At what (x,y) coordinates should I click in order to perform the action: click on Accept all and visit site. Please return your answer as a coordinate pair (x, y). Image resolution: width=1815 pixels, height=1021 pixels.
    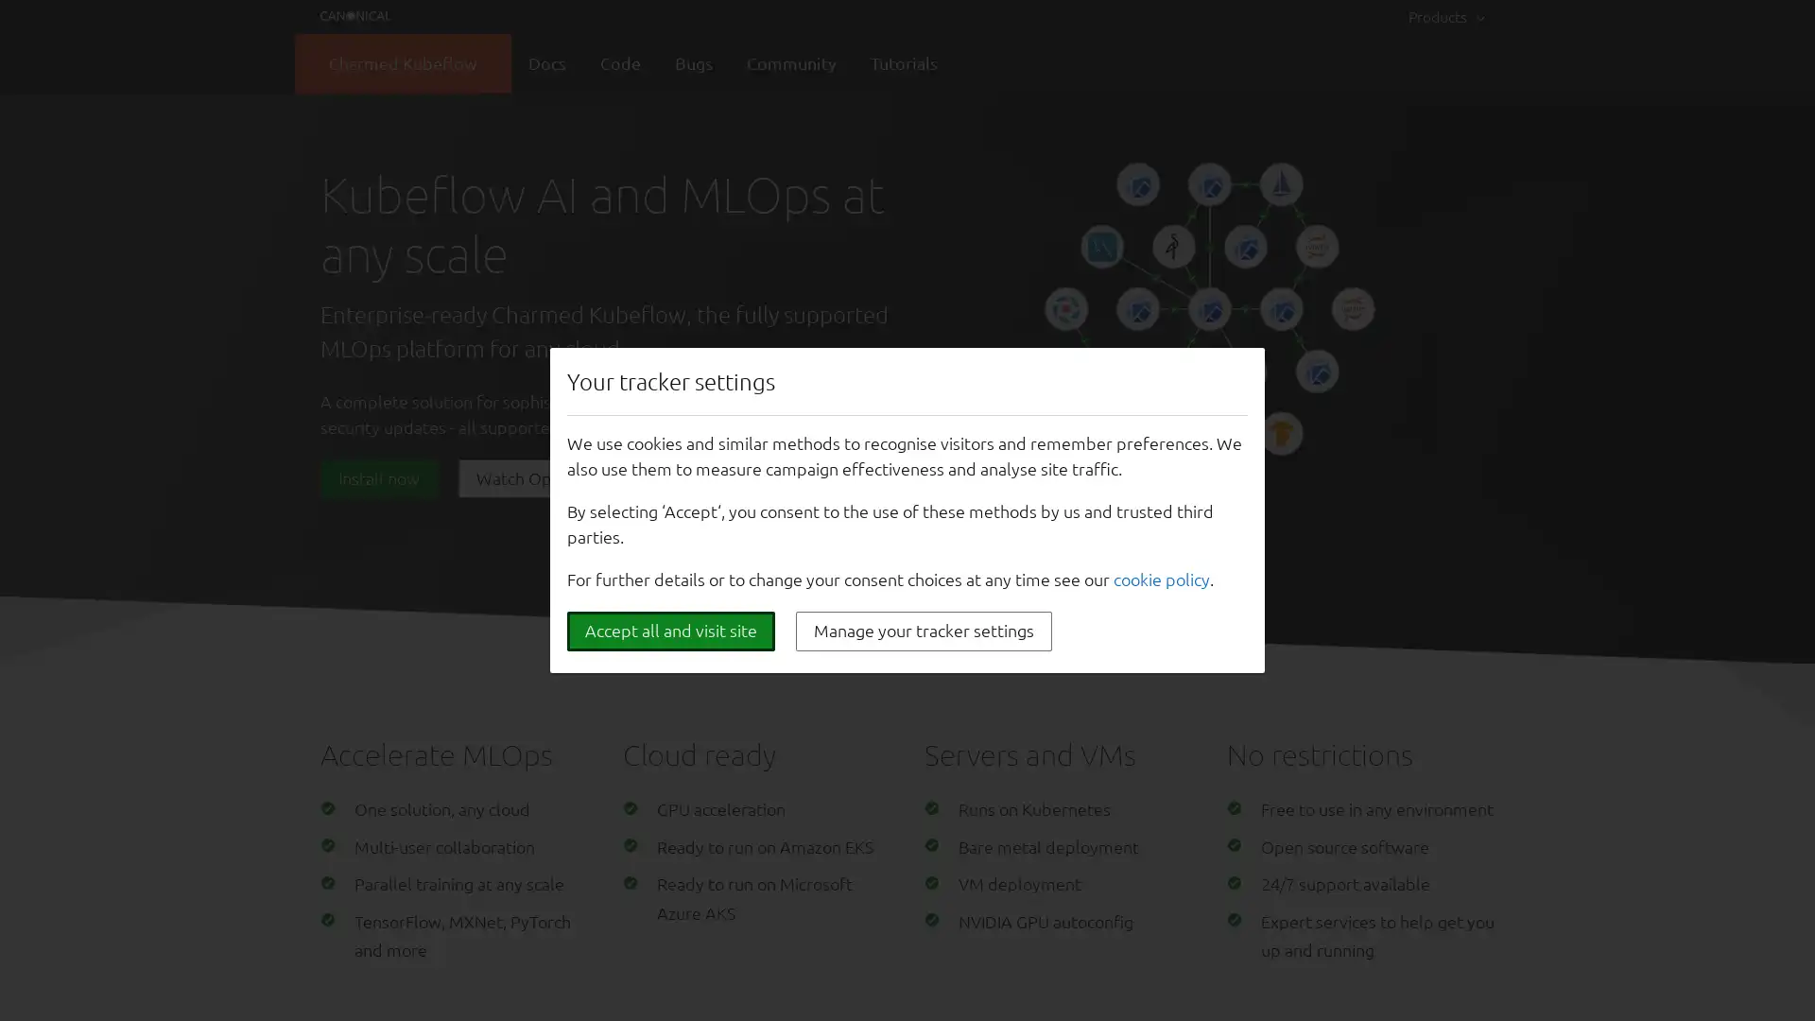
    Looking at the image, I should click on (671, 631).